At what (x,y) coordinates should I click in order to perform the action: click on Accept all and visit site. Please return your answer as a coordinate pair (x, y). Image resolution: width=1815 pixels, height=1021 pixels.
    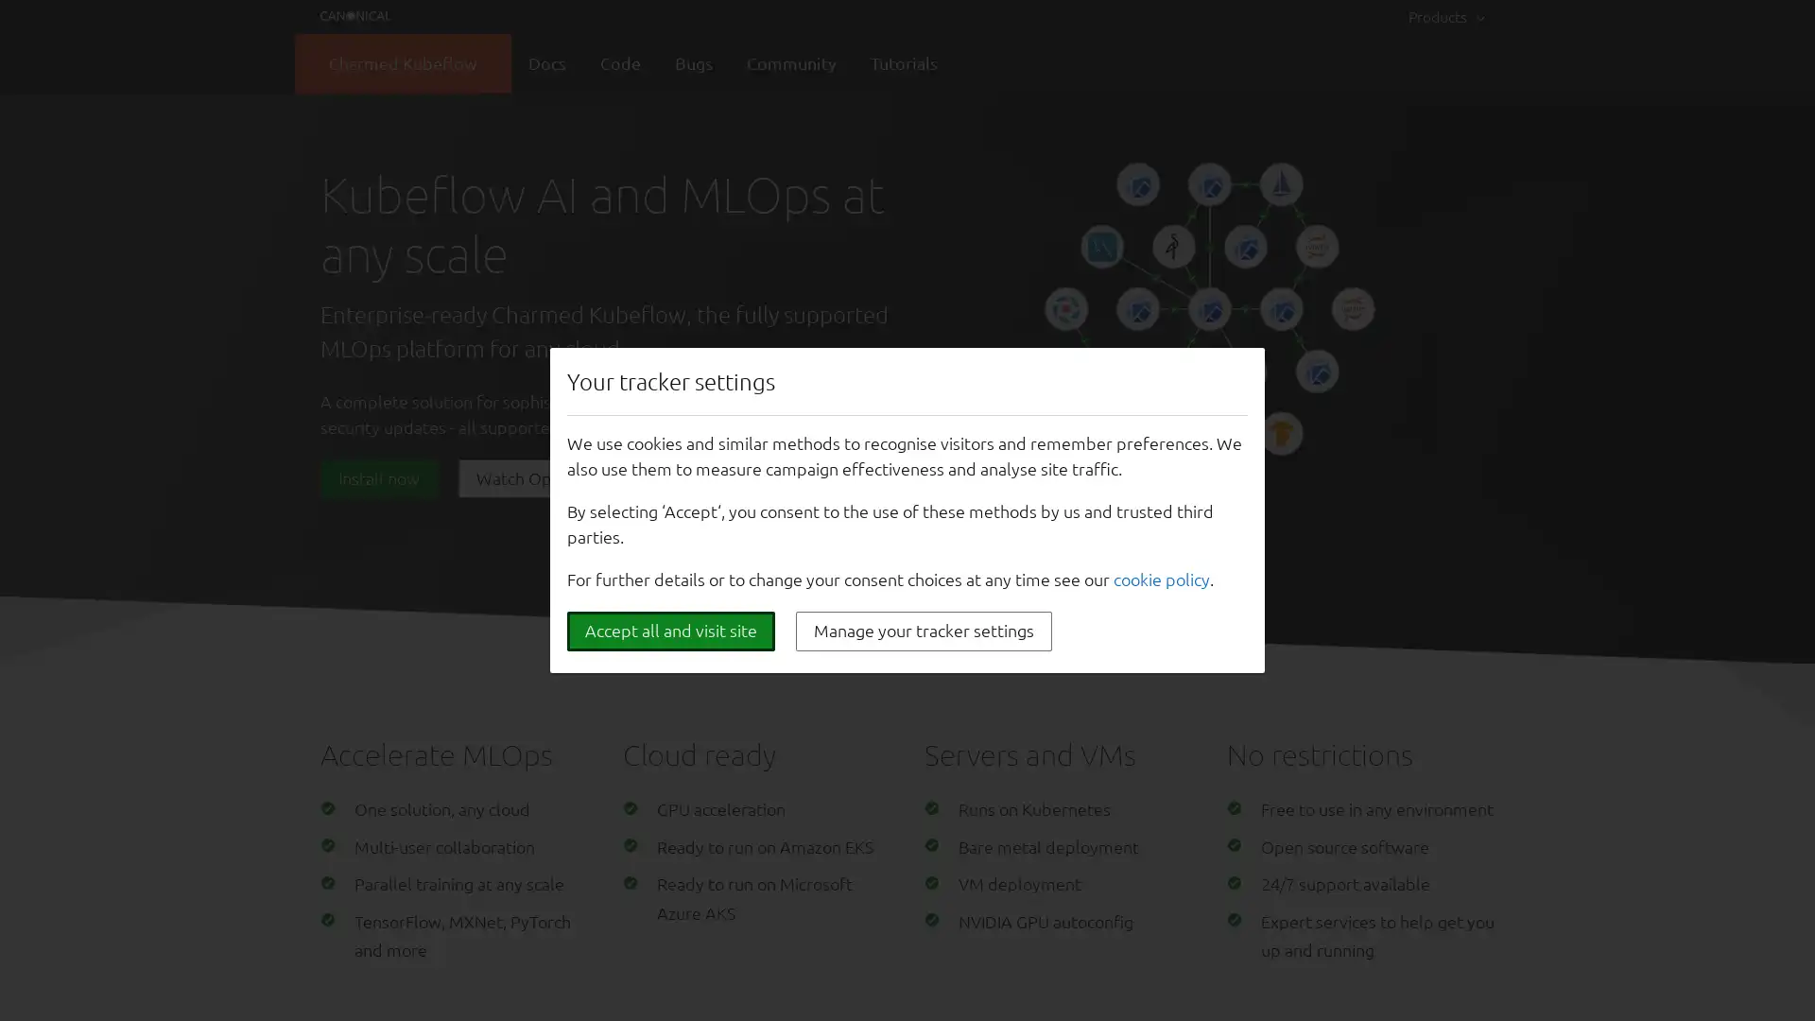
    Looking at the image, I should click on (671, 631).